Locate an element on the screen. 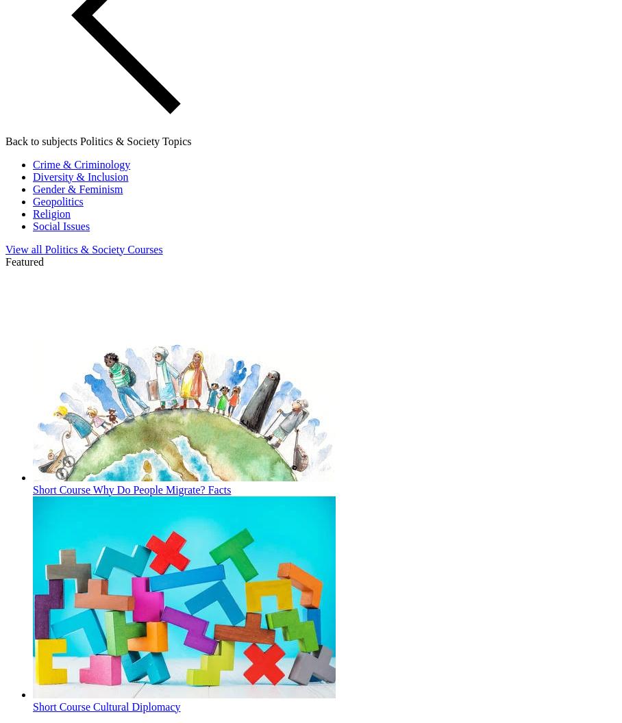 The height and width of the screenshot is (723, 622). 'Cultural Diplomacy' is located at coordinates (136, 705).